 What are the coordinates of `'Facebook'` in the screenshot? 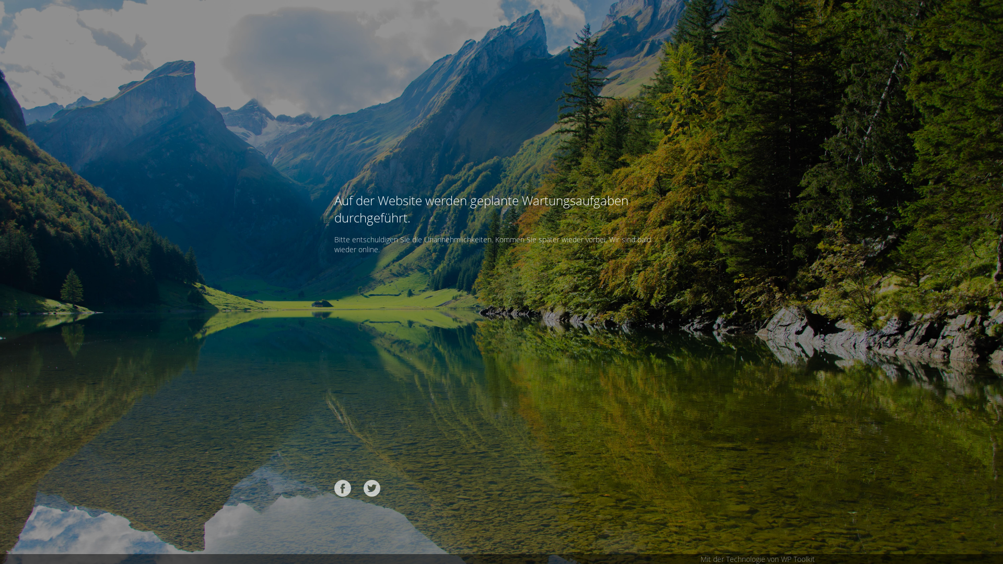 It's located at (343, 488).